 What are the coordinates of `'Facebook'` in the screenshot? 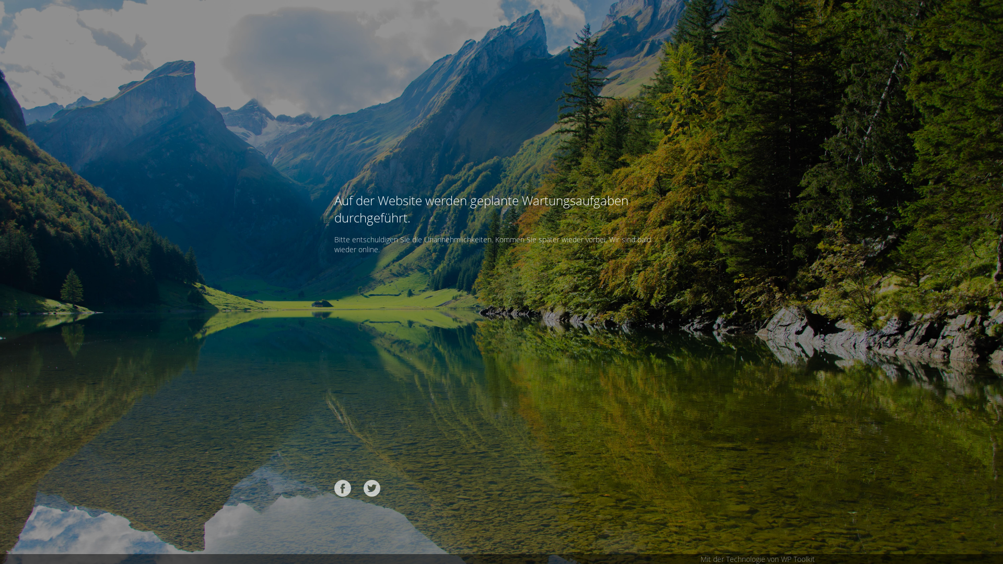 It's located at (343, 488).